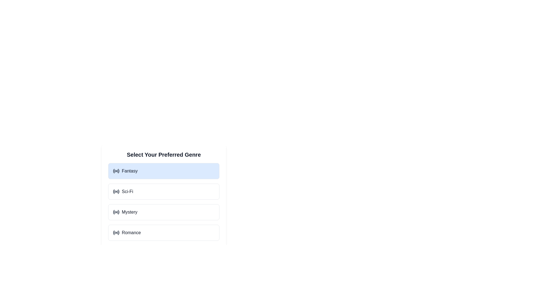 This screenshot has width=534, height=300. What do you see at coordinates (164, 212) in the screenshot?
I see `the 'Mystery' genre option card, which is the third element in a vertically stacked list of genre options` at bounding box center [164, 212].